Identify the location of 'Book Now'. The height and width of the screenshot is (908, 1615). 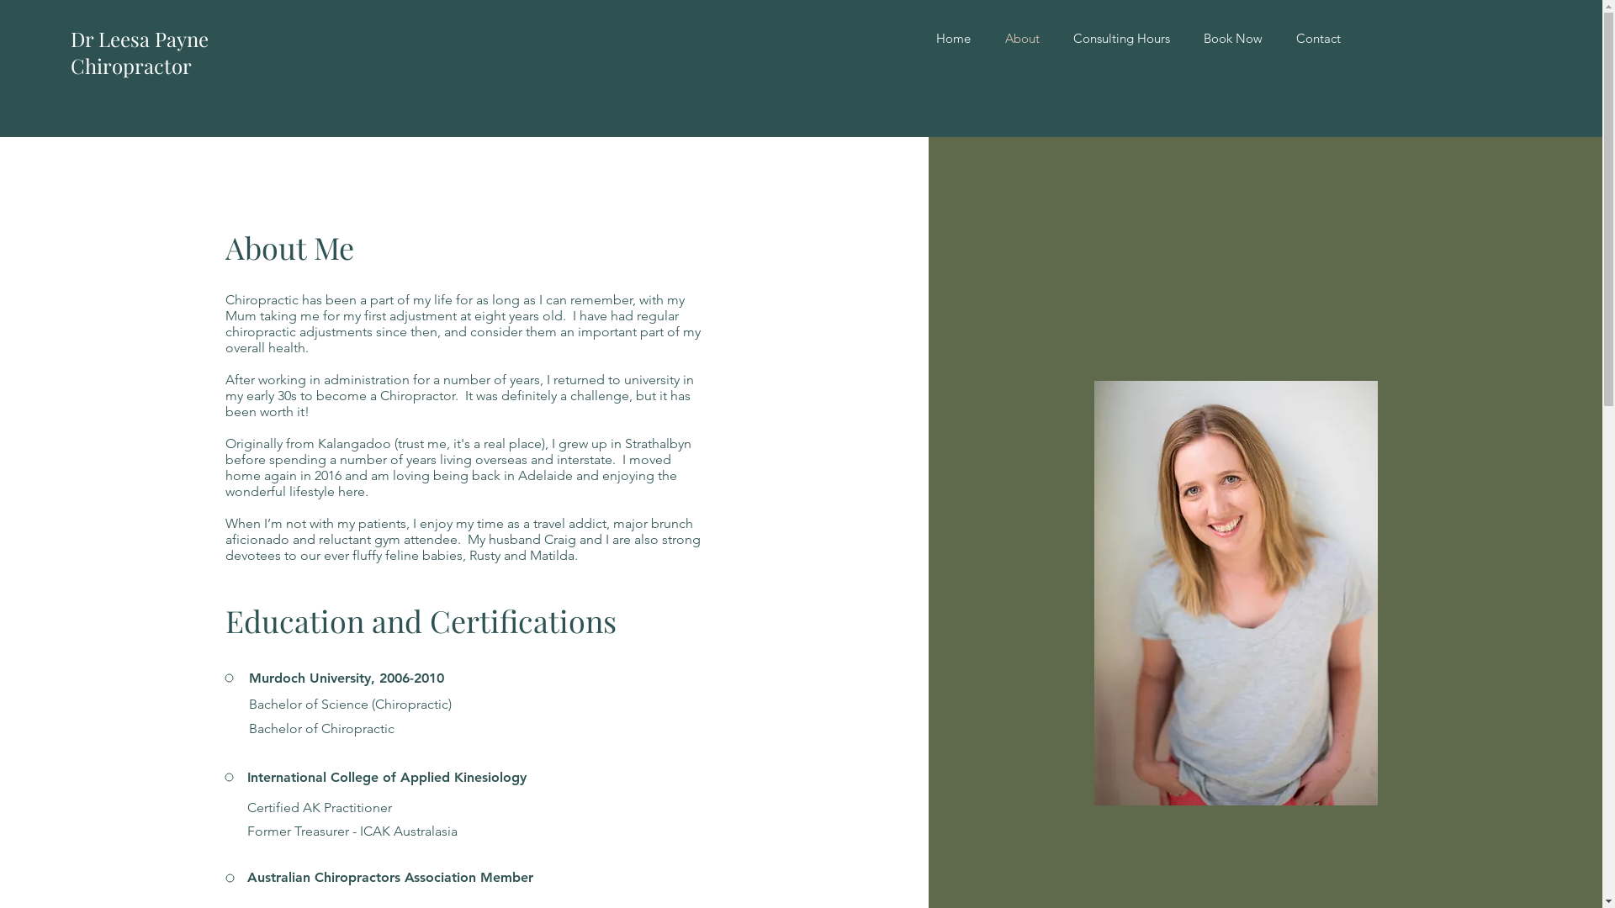
(1186, 38).